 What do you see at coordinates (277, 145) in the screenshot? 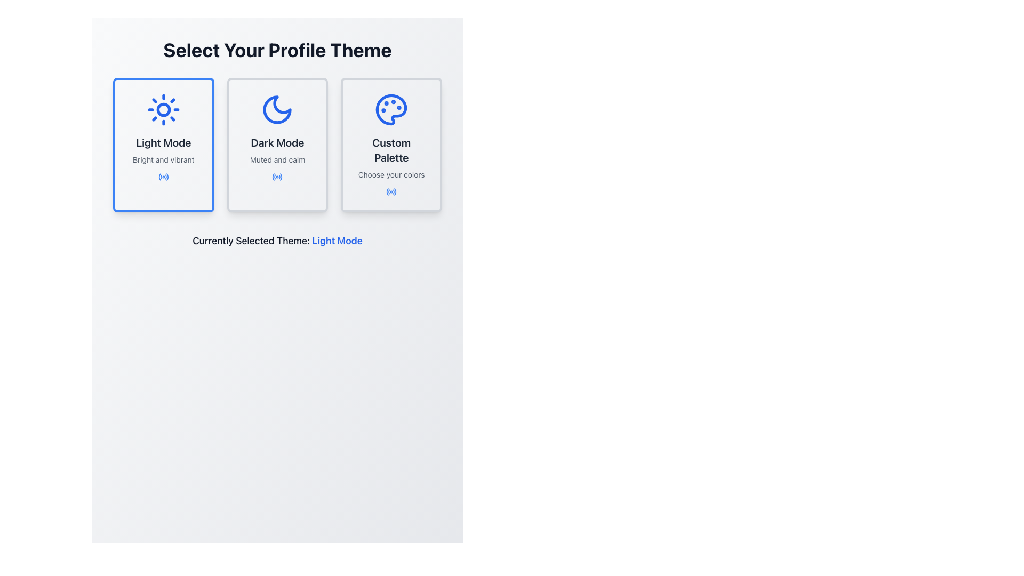
I see `the 'Dark Mode' Selection Card, which is the middle card in a grid layout` at bounding box center [277, 145].